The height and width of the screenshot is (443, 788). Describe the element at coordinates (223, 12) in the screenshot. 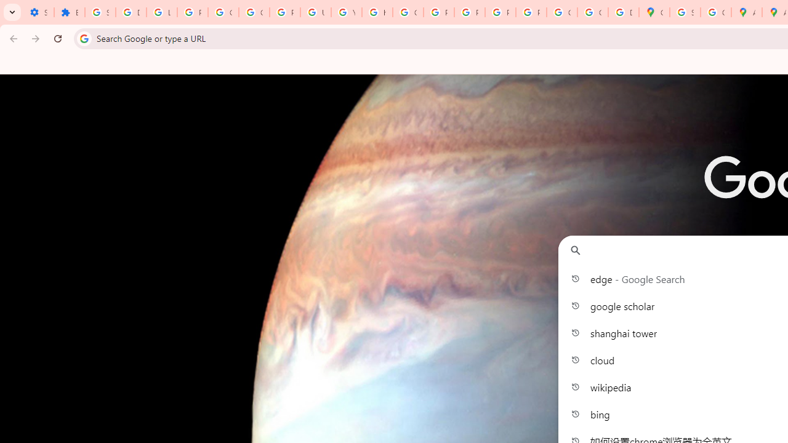

I see `'Google Account Help'` at that location.